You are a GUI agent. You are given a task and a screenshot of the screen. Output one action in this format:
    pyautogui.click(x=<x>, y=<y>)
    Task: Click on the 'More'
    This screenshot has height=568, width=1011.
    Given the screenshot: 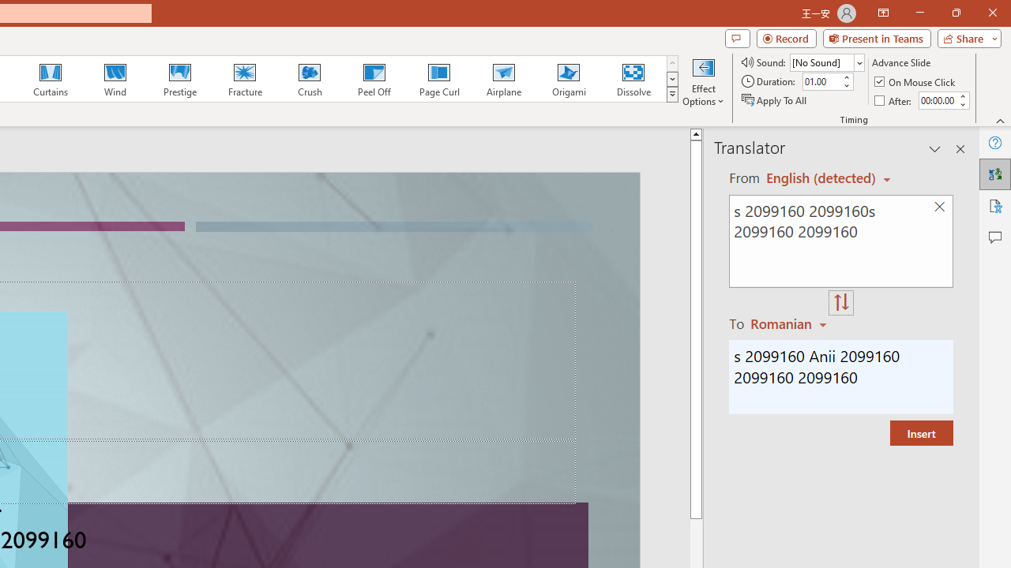 What is the action you would take?
    pyautogui.click(x=961, y=95)
    